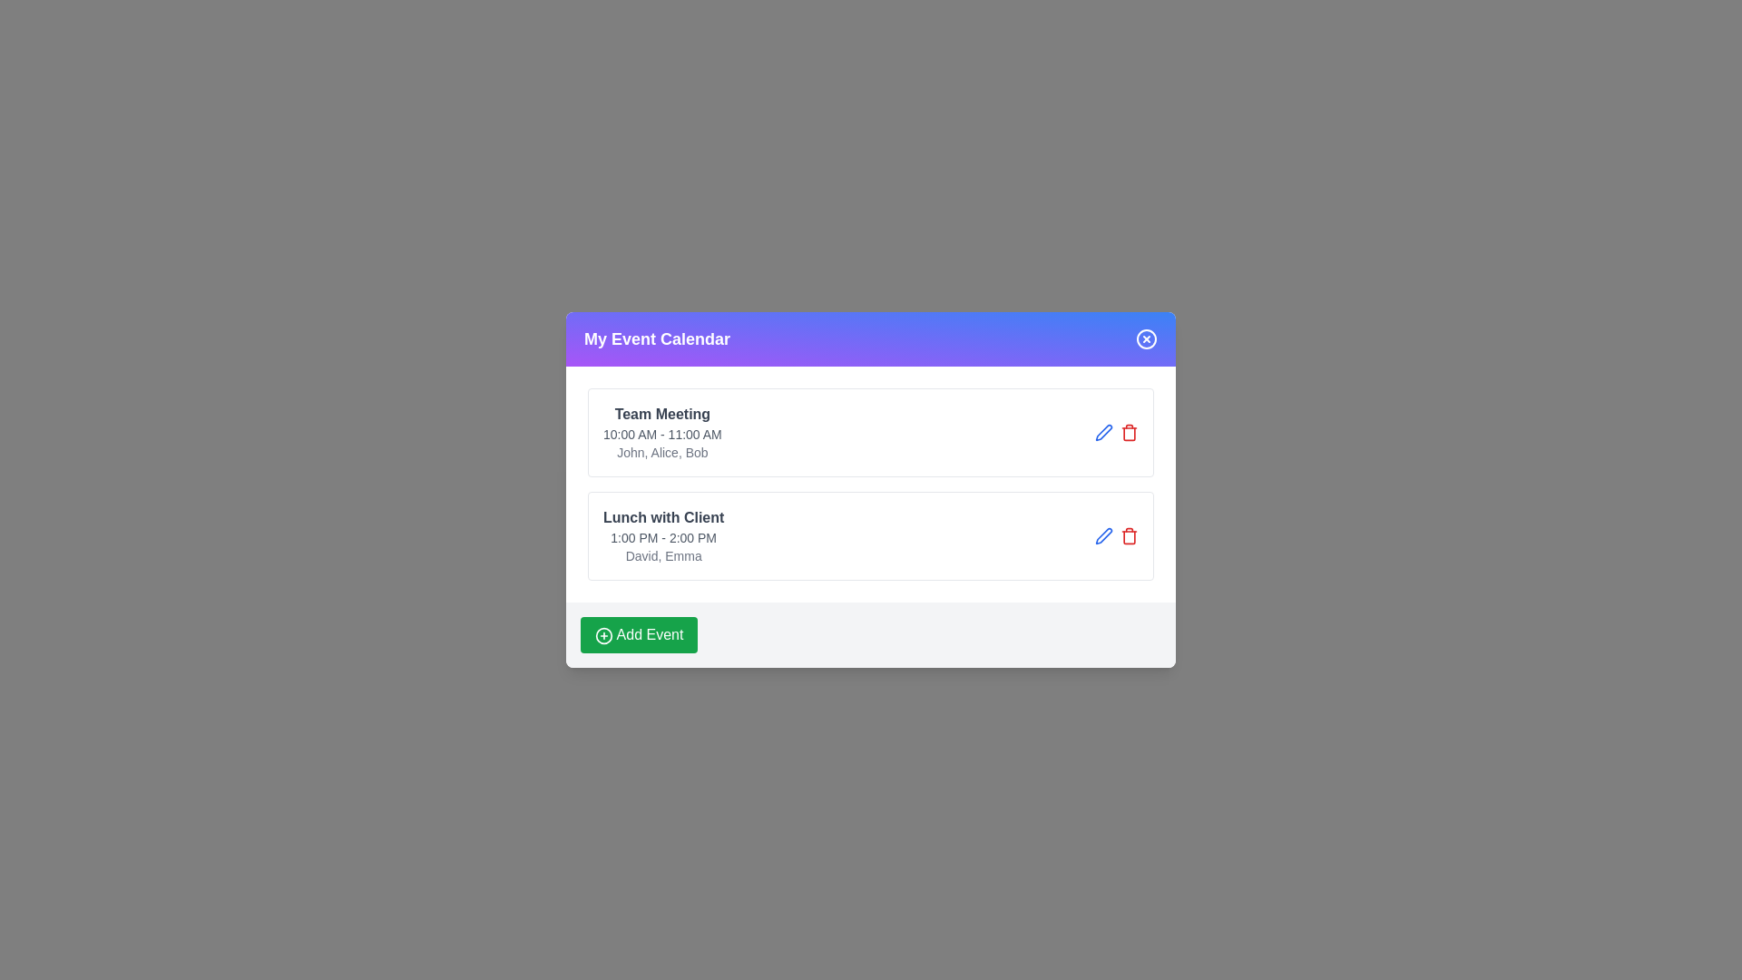 The image size is (1742, 980). I want to click on the delete icon in the interactive button group located in the top right corner of the 'Team Meeting' card, so click(1115, 433).